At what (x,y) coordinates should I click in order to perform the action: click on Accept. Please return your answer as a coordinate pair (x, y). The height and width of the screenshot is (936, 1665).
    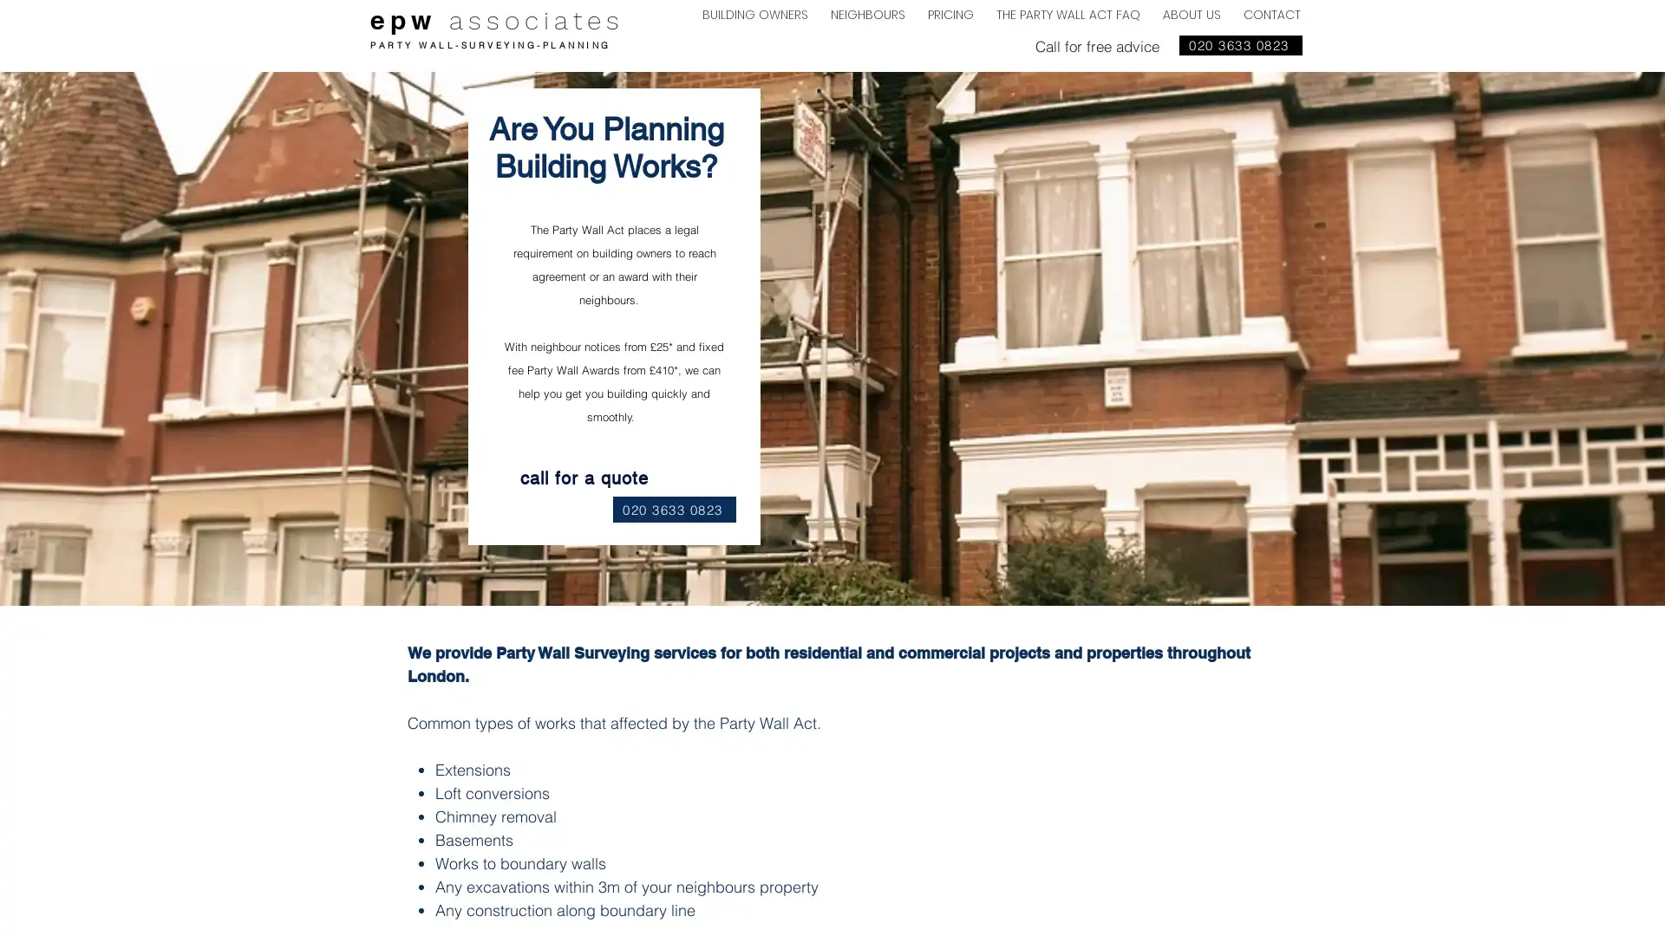
    Looking at the image, I should click on (1587, 907).